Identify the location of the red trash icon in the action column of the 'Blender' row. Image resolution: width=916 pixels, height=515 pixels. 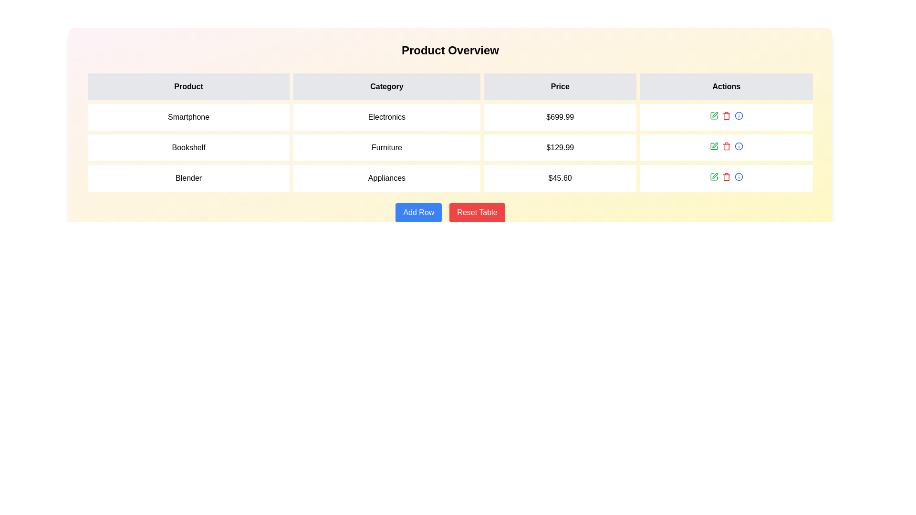
(726, 176).